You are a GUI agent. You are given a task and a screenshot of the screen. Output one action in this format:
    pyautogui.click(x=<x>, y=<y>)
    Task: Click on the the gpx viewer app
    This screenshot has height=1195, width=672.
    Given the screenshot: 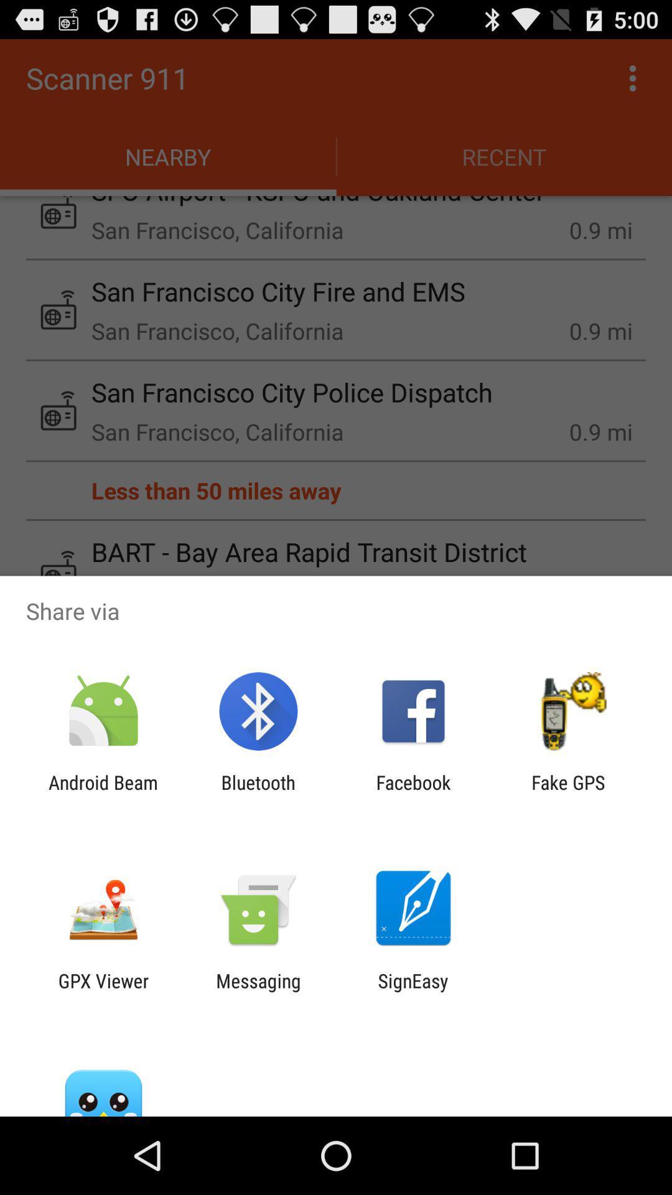 What is the action you would take?
    pyautogui.click(x=103, y=991)
    